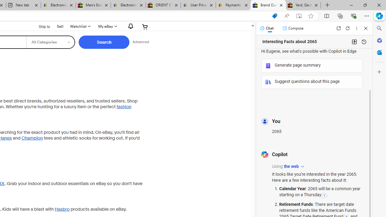 Image resolution: width=386 pixels, height=217 pixels. Describe the element at coordinates (50, 42) in the screenshot. I see `'Select a category for search'` at that location.